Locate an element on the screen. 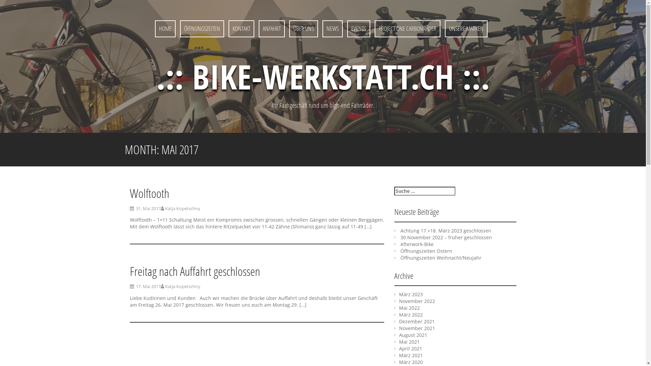 The width and height of the screenshot is (651, 366). '17. Mai 2017' is located at coordinates (147, 286).